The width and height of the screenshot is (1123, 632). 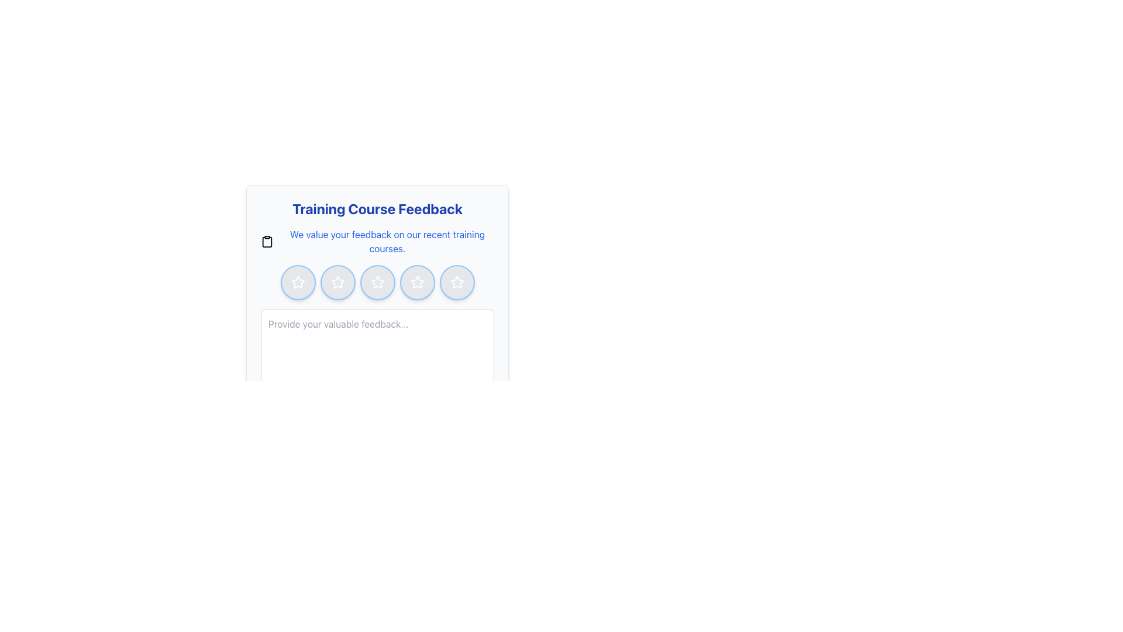 What do you see at coordinates (456, 282) in the screenshot?
I see `the fifth star in the five-star rating component` at bounding box center [456, 282].